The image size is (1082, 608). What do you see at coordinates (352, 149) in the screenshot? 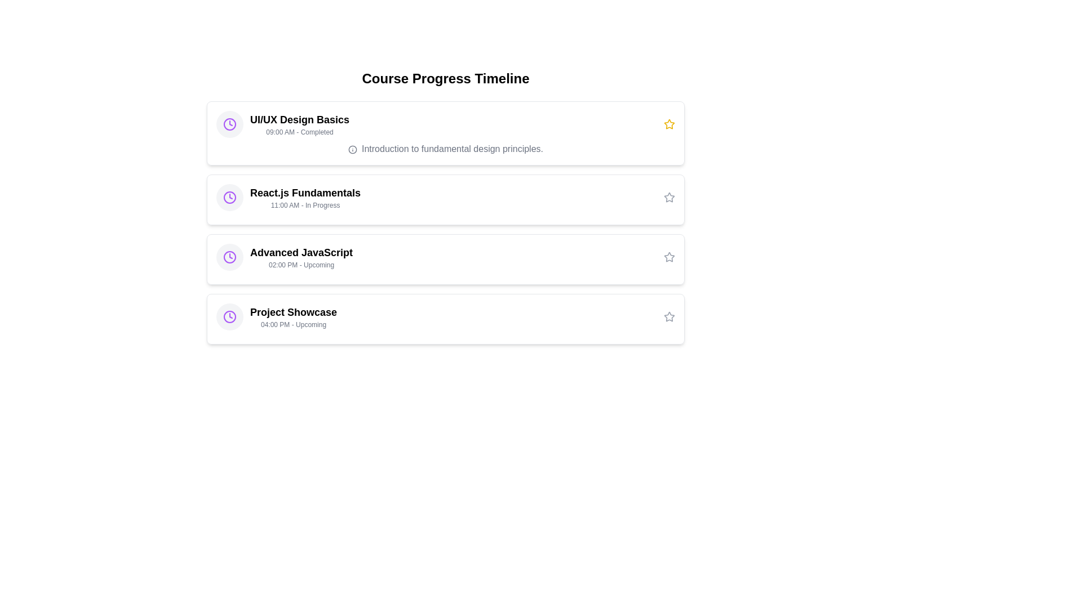
I see `the information icon located to the left of the text 'Introduction to fundamental design principles.' in the first card of the 'UI/UX Design Basics' course progress timeline` at bounding box center [352, 149].